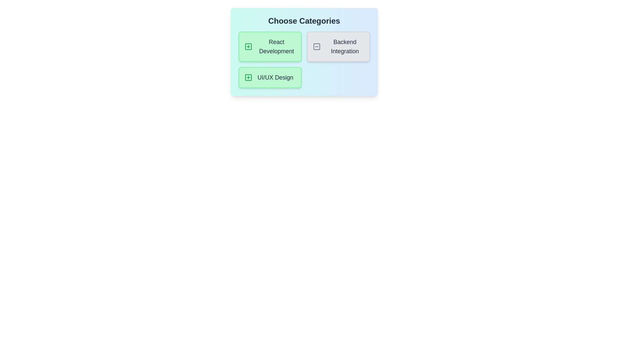 This screenshot has width=631, height=355. Describe the element at coordinates (270, 77) in the screenshot. I see `the category UI/UX Design` at that location.